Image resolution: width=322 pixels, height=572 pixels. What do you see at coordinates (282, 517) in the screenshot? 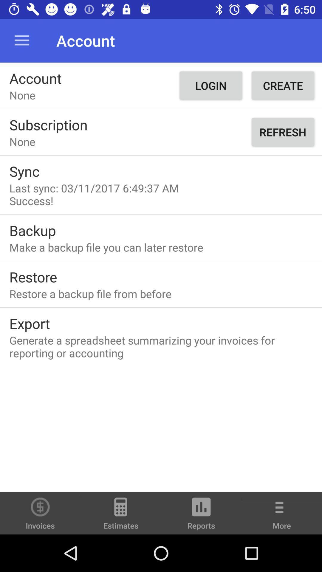
I see `the item next to the reports` at bounding box center [282, 517].